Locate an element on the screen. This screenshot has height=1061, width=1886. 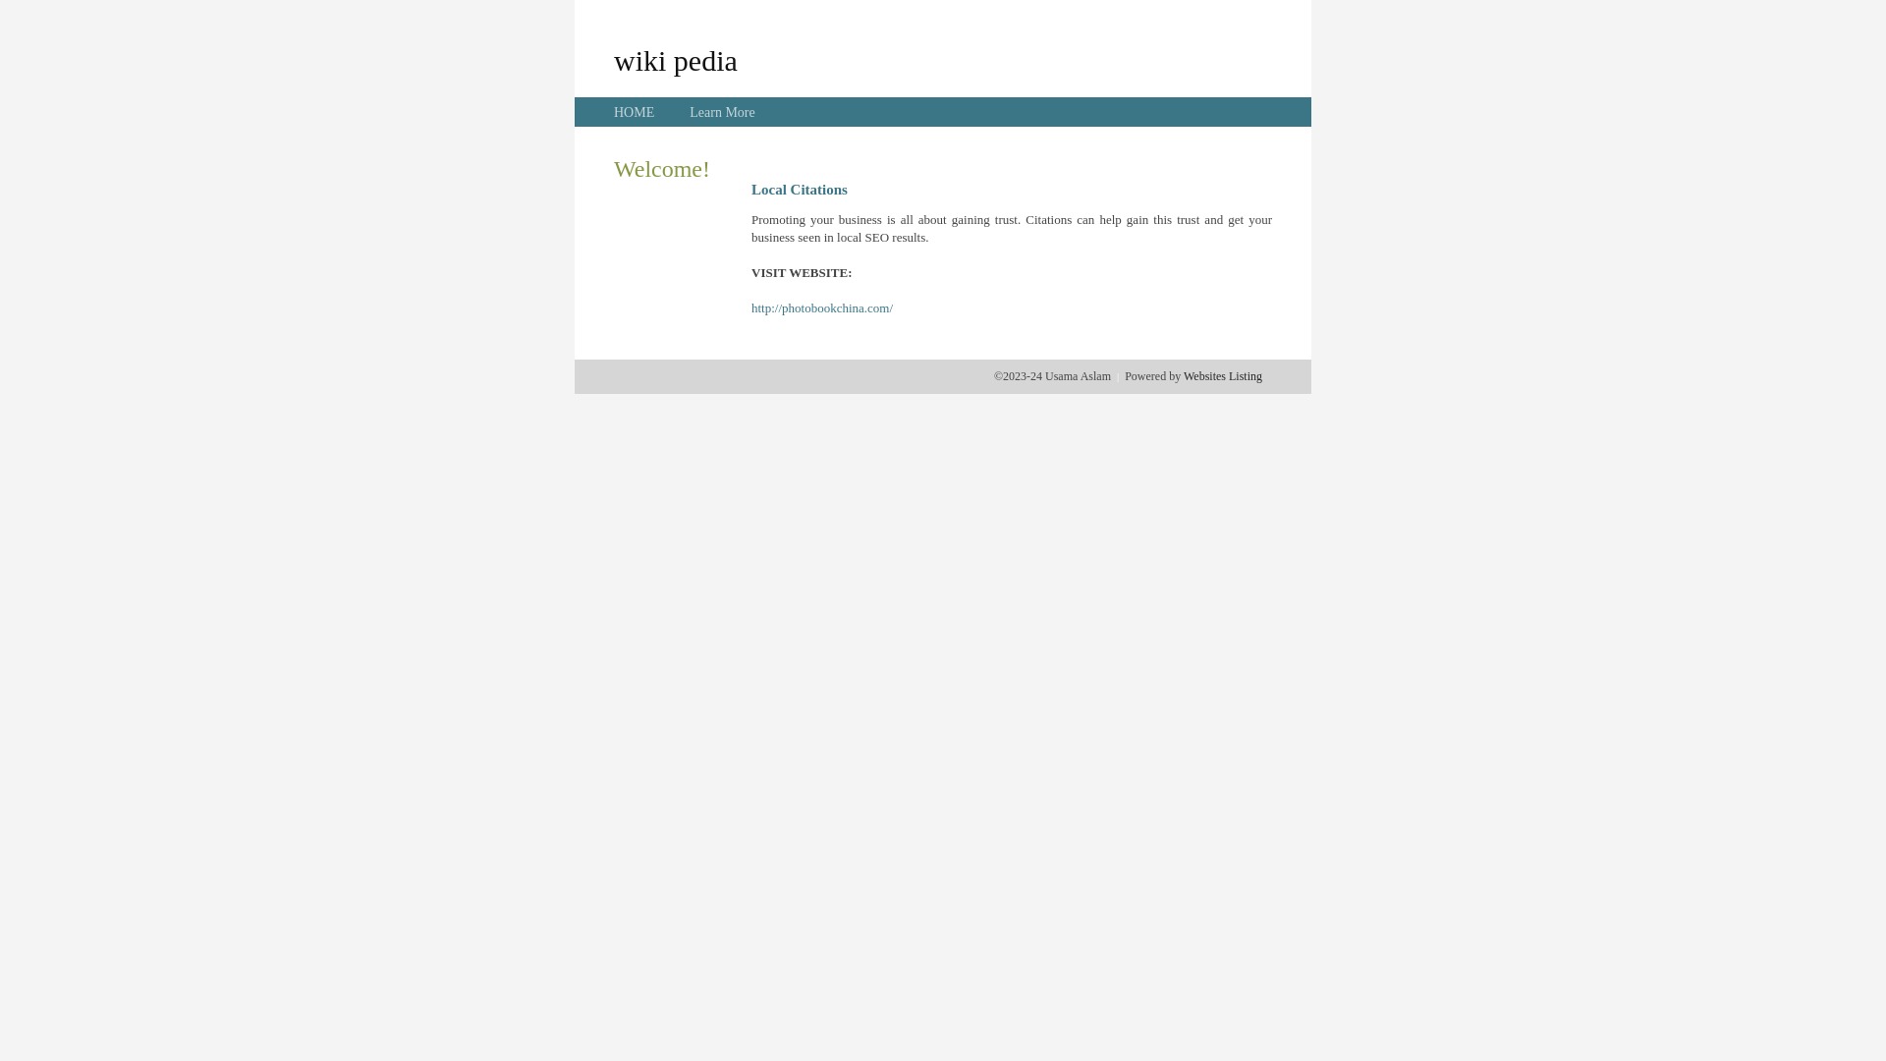
'wiki pedia' is located at coordinates (675, 59).